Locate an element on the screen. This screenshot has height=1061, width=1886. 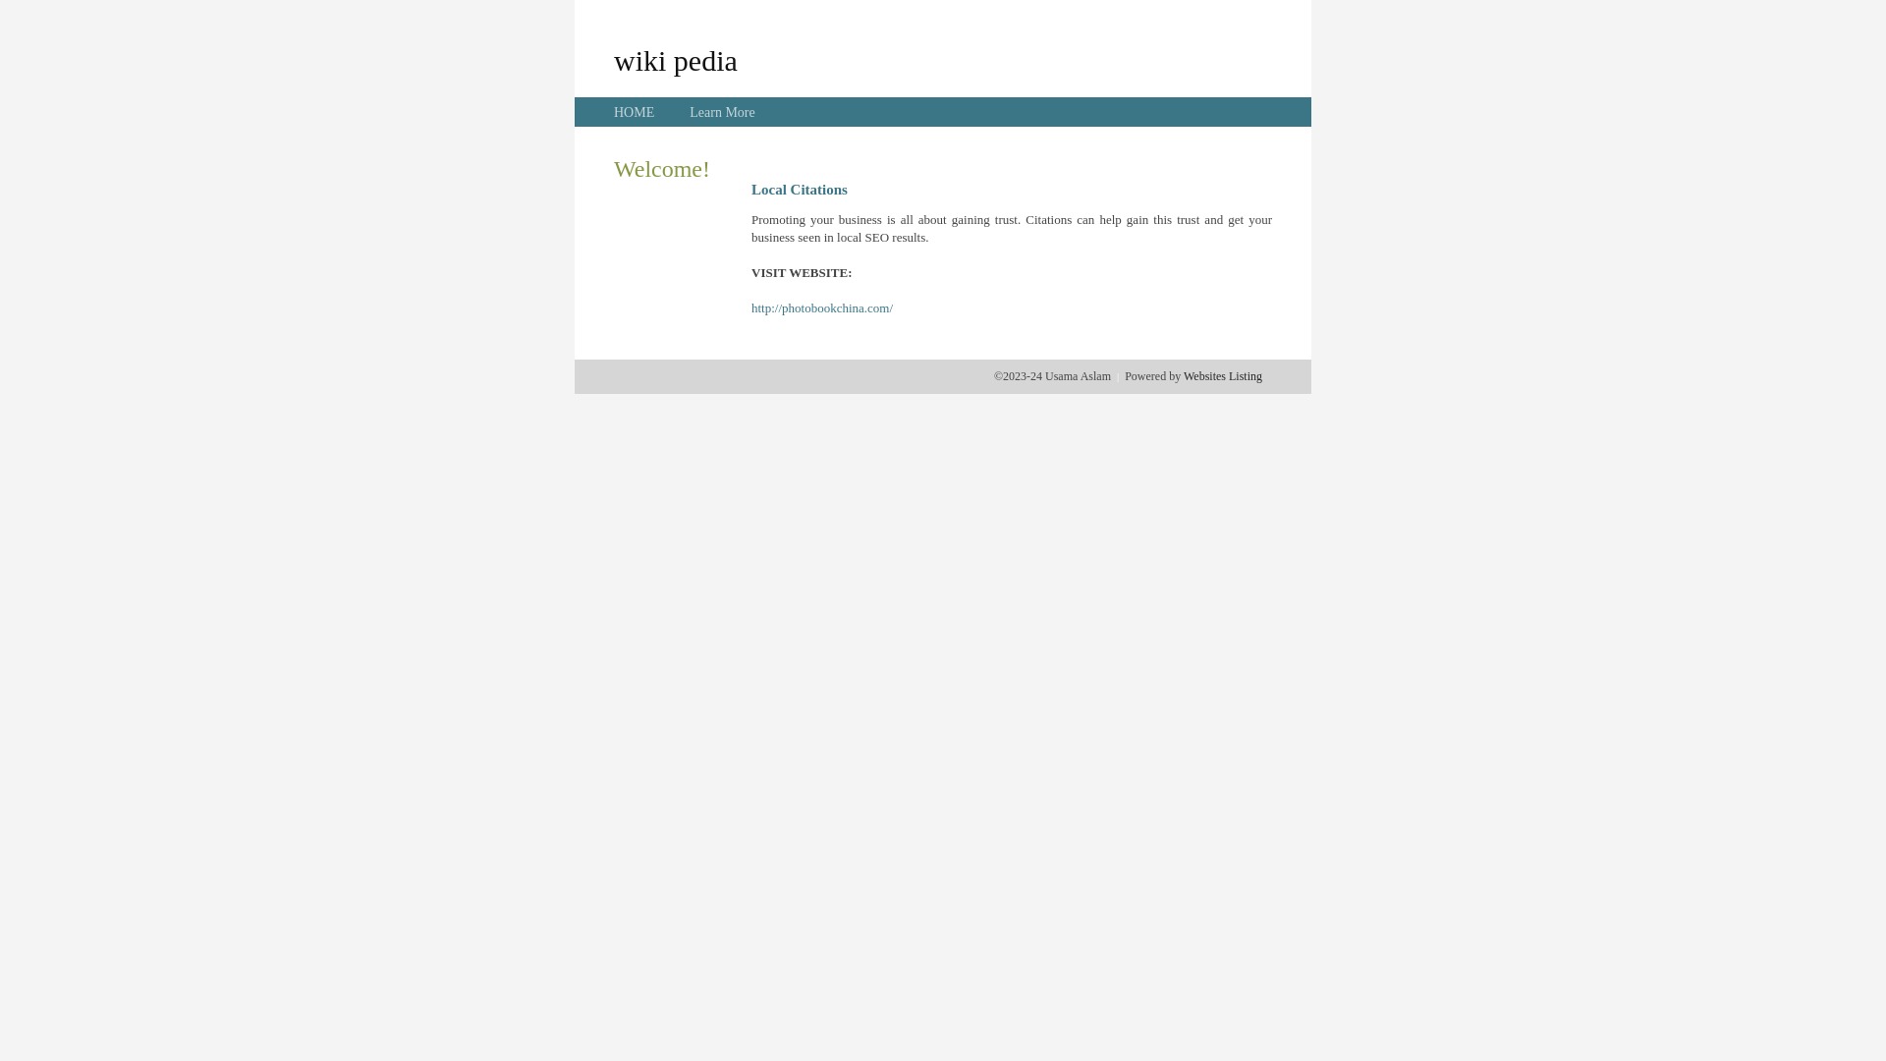
'wiki pedia' is located at coordinates (675, 59).